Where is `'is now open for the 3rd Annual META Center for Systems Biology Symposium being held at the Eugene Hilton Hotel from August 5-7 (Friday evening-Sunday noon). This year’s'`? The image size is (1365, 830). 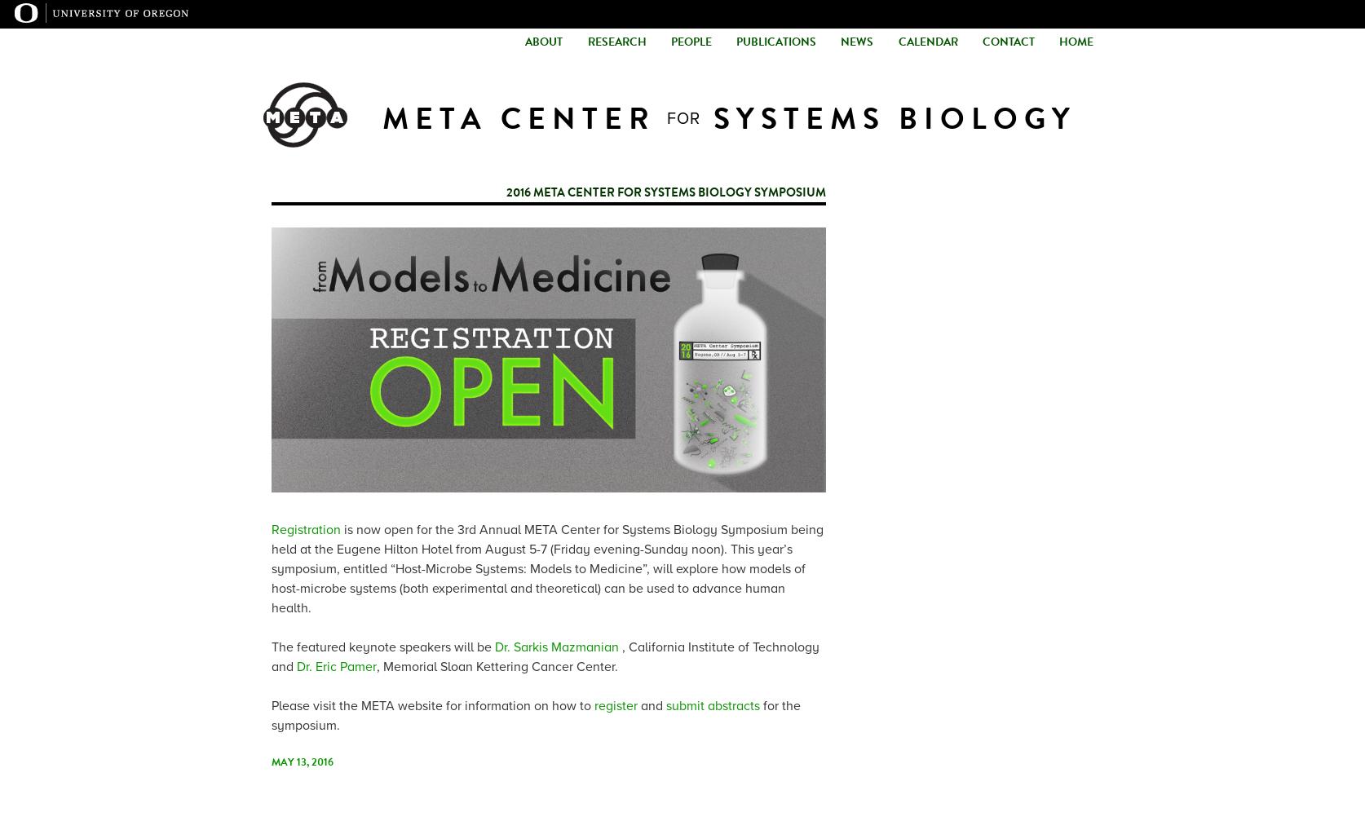 'is now open for the 3rd Annual META Center for Systems Biology Symposium being held at the Eugene Hilton Hotel from August 5-7 (Friday evening-Sunday noon). This year’s' is located at coordinates (547, 539).